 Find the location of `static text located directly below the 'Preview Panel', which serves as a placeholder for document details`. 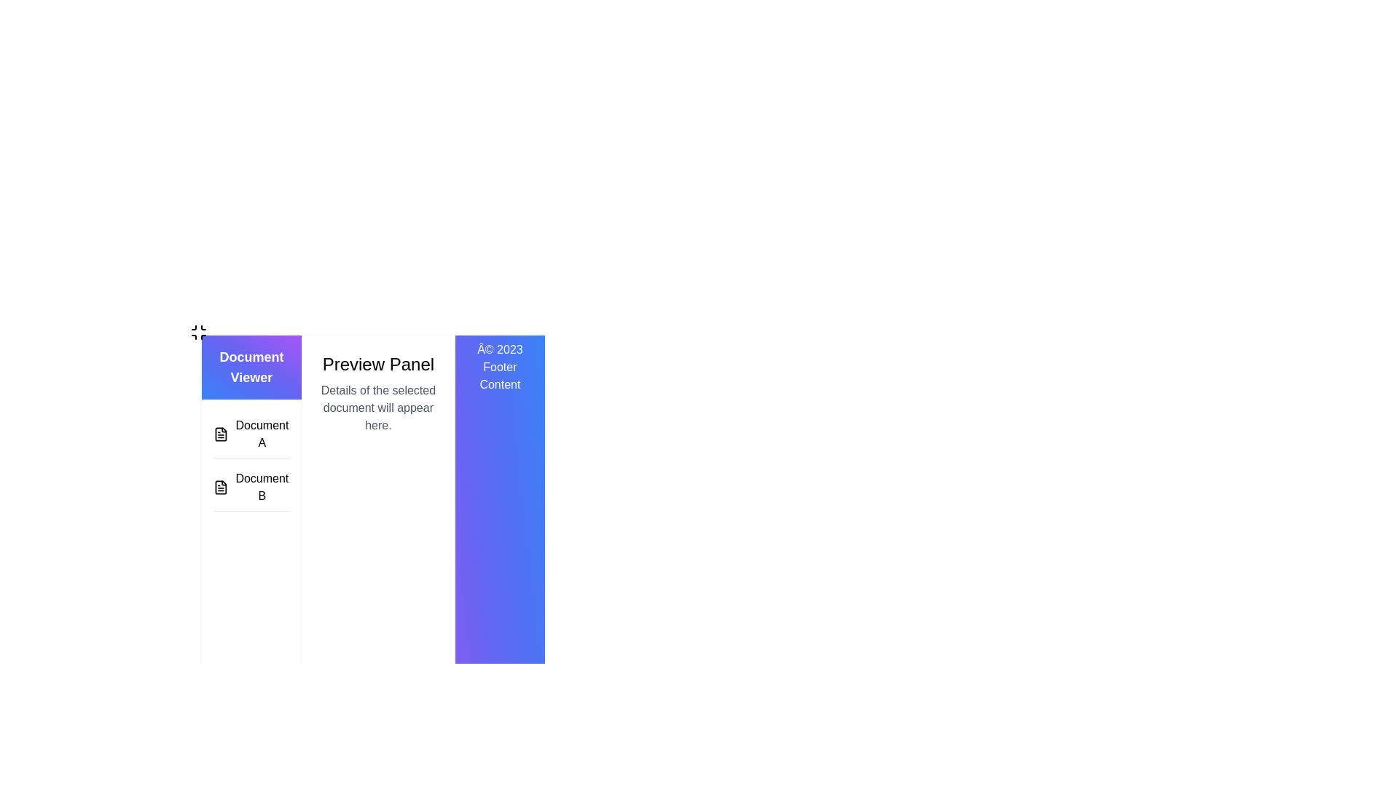

static text located directly below the 'Preview Panel', which serves as a placeholder for document details is located at coordinates (378, 408).